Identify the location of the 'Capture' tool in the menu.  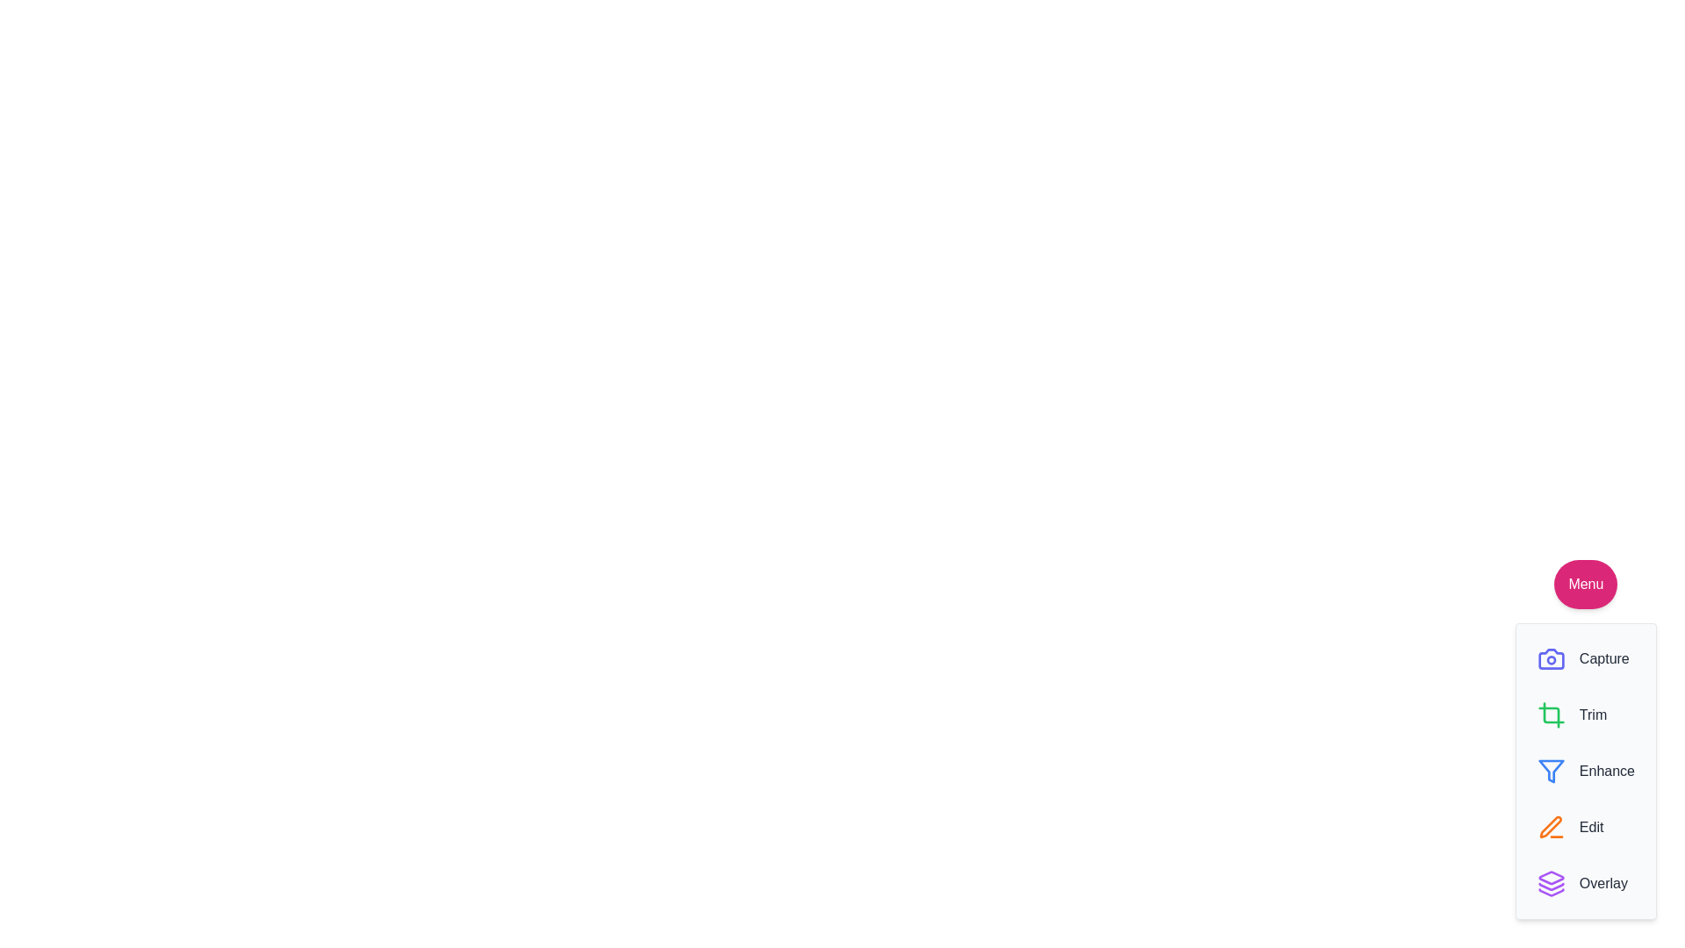
(1583, 659).